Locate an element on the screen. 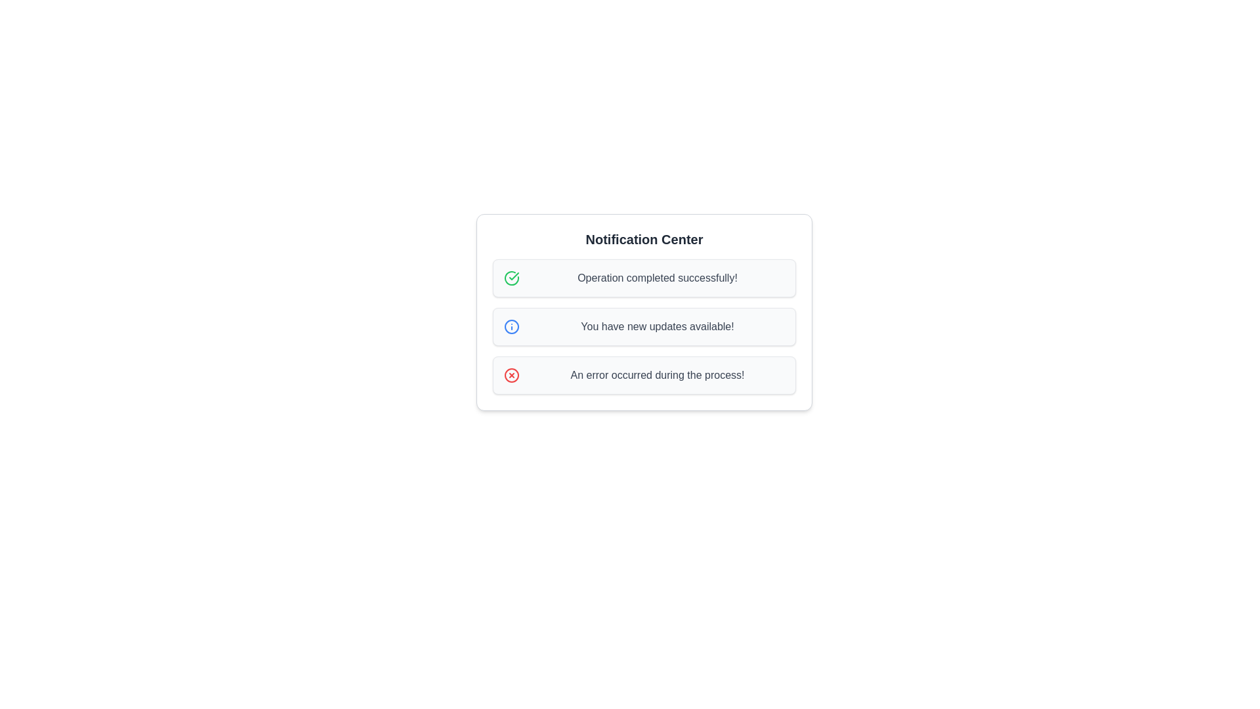  the bold, large-sized header text reading 'Notification Center' located at the top center of the interface is located at coordinates (644, 240).